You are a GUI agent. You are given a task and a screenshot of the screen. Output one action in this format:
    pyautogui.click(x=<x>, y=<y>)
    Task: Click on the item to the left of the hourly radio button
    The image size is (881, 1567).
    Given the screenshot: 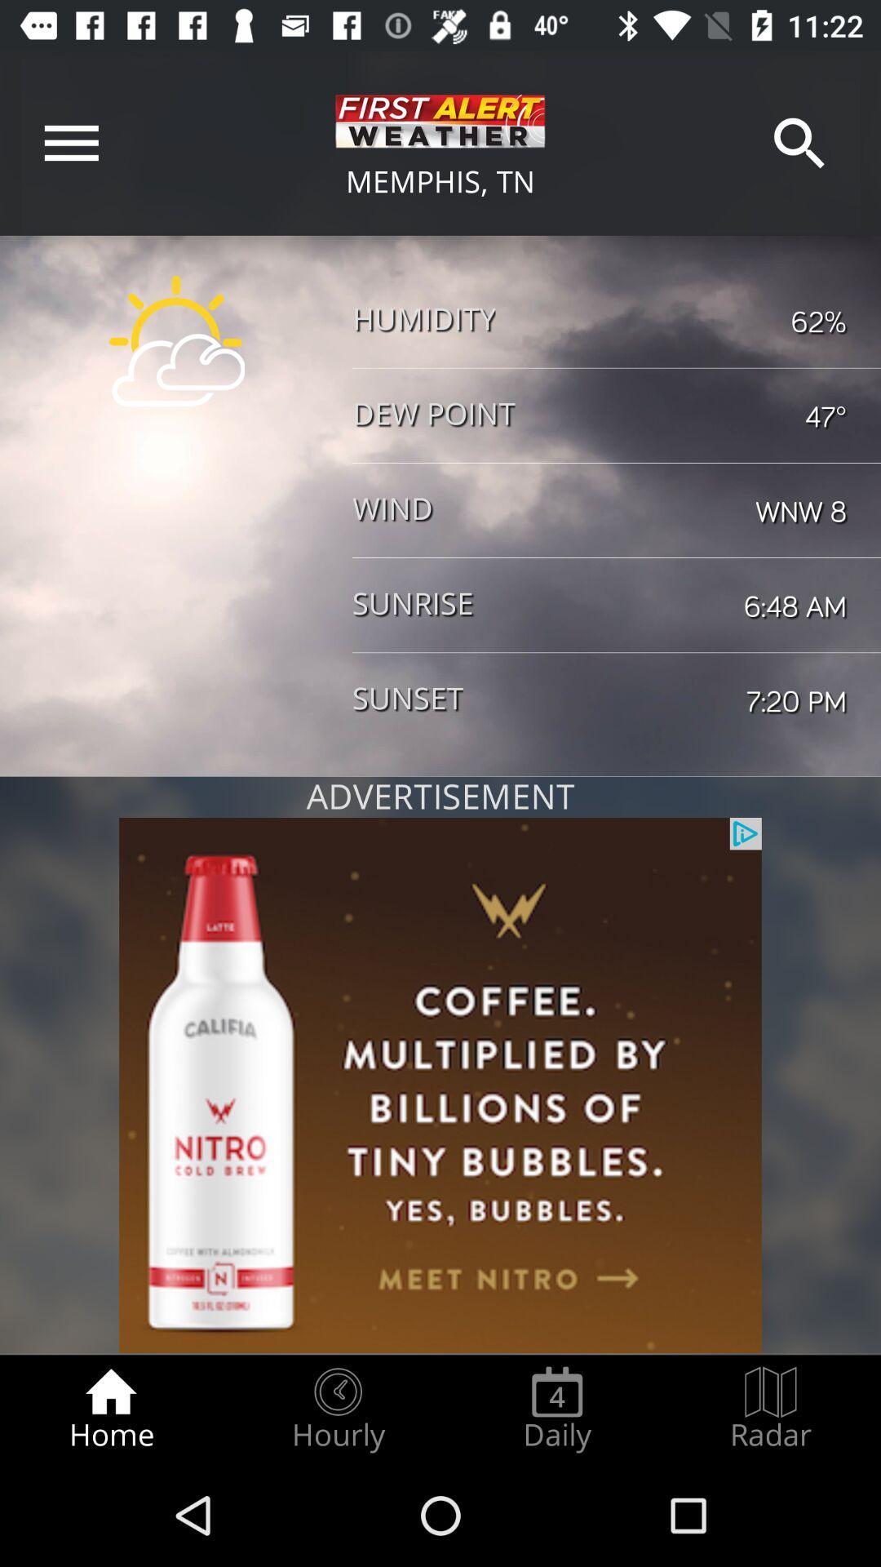 What is the action you would take?
    pyautogui.click(x=110, y=1409)
    